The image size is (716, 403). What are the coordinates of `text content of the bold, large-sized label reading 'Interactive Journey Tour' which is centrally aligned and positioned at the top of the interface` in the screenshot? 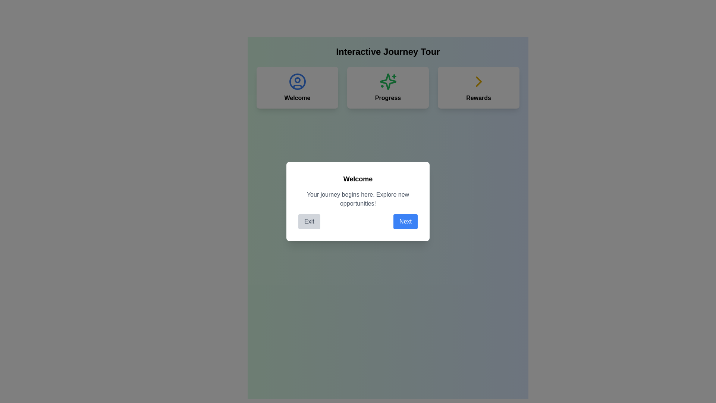 It's located at (388, 51).